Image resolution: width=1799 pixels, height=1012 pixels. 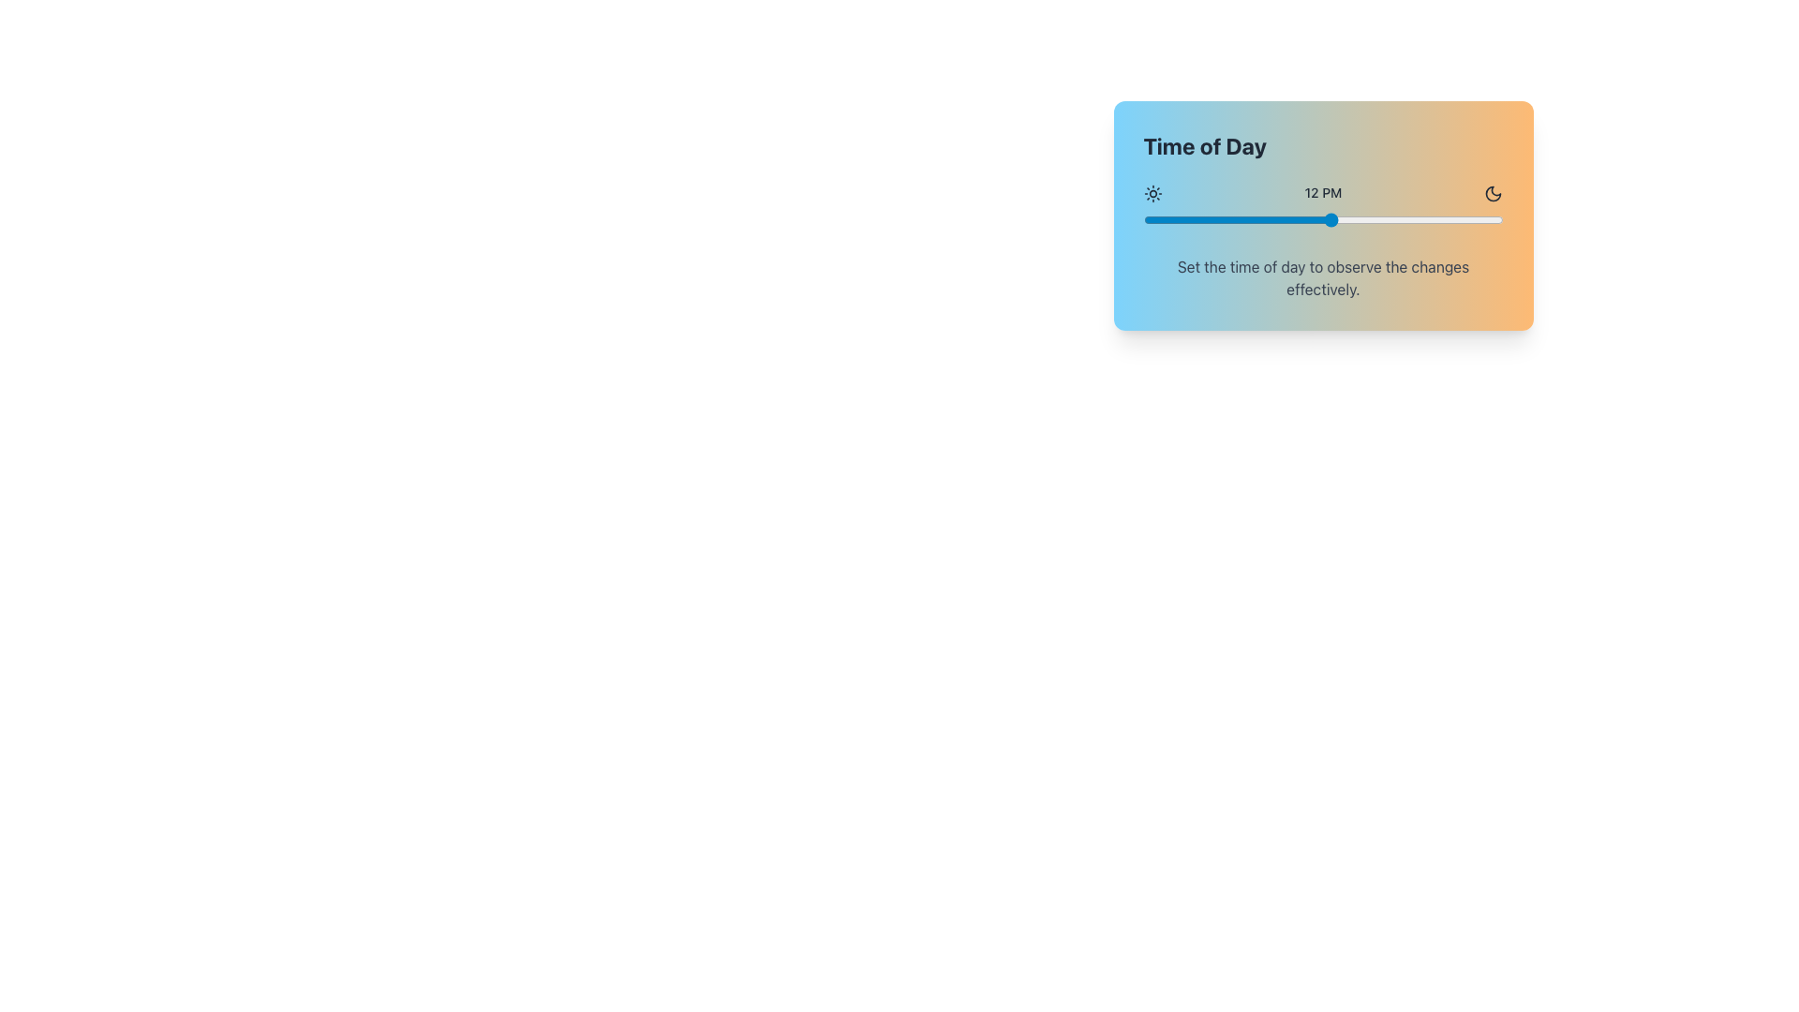 What do you see at coordinates (1493, 194) in the screenshot?
I see `the night mode toggle icon located at the top-right of the 'Time of Day' card` at bounding box center [1493, 194].